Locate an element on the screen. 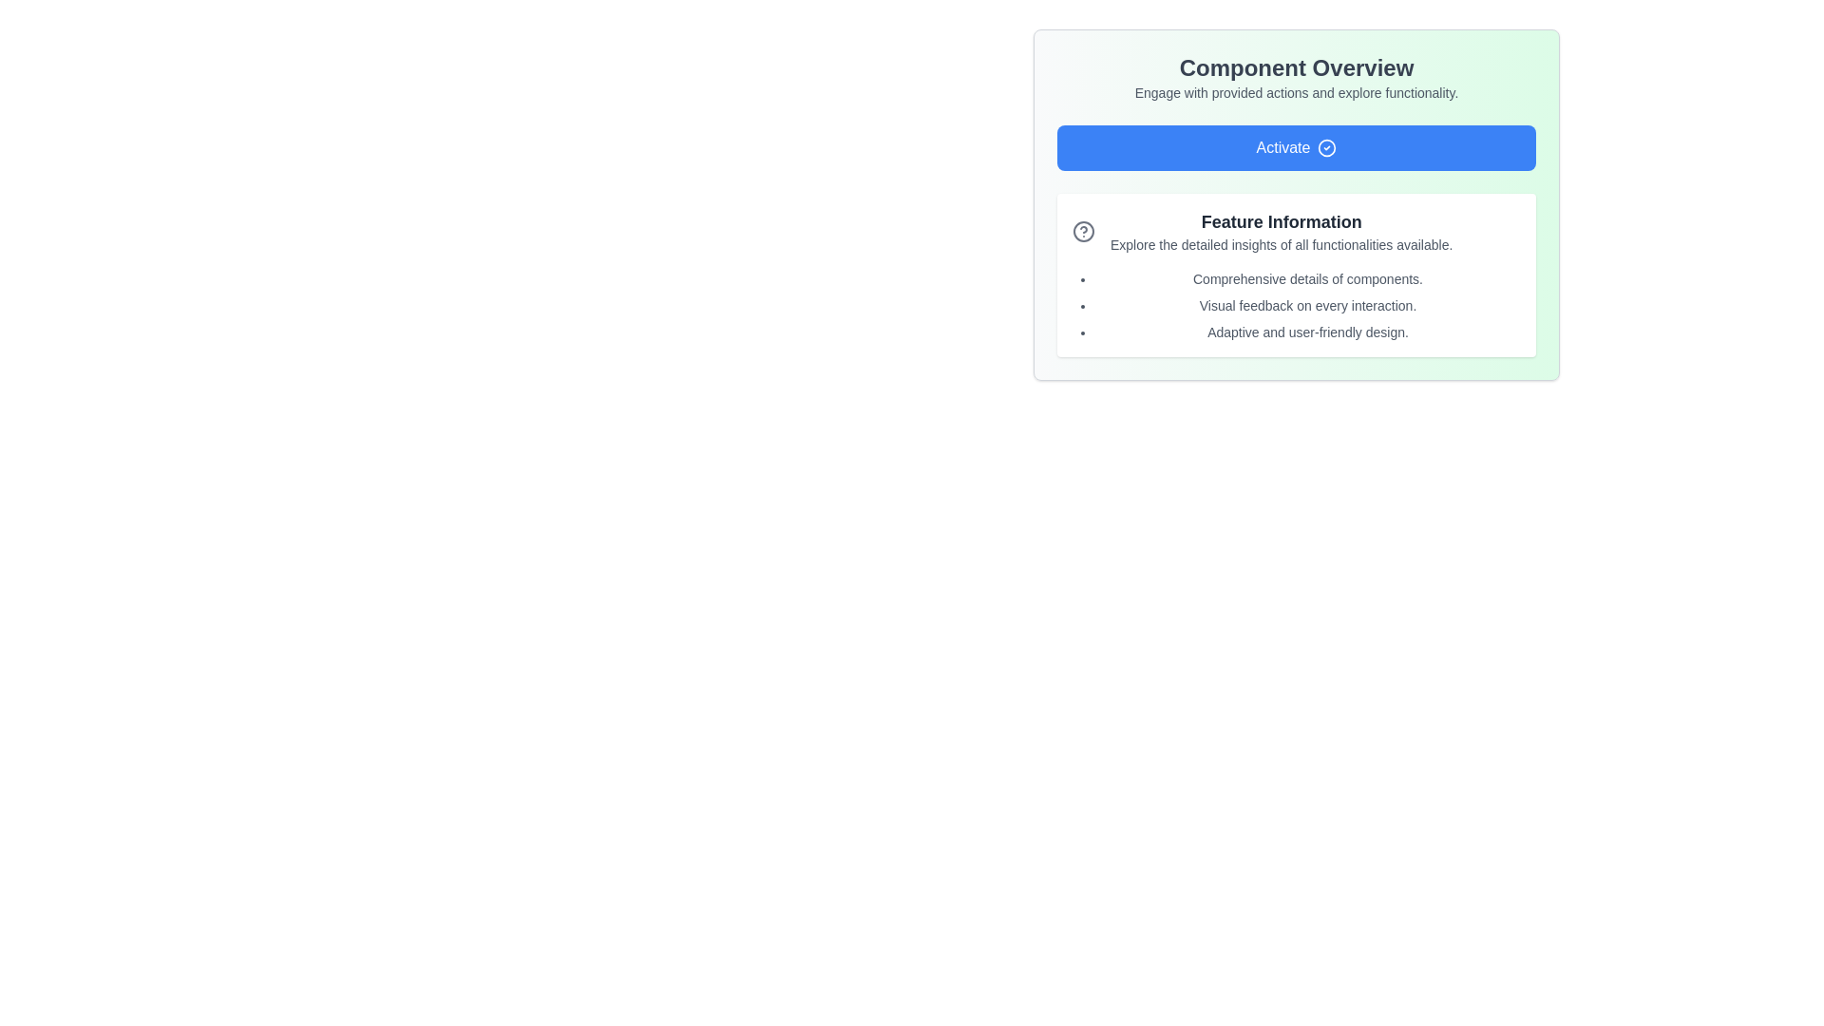  the blue 'Activate' button with a checkmark icon is located at coordinates (1295, 146).